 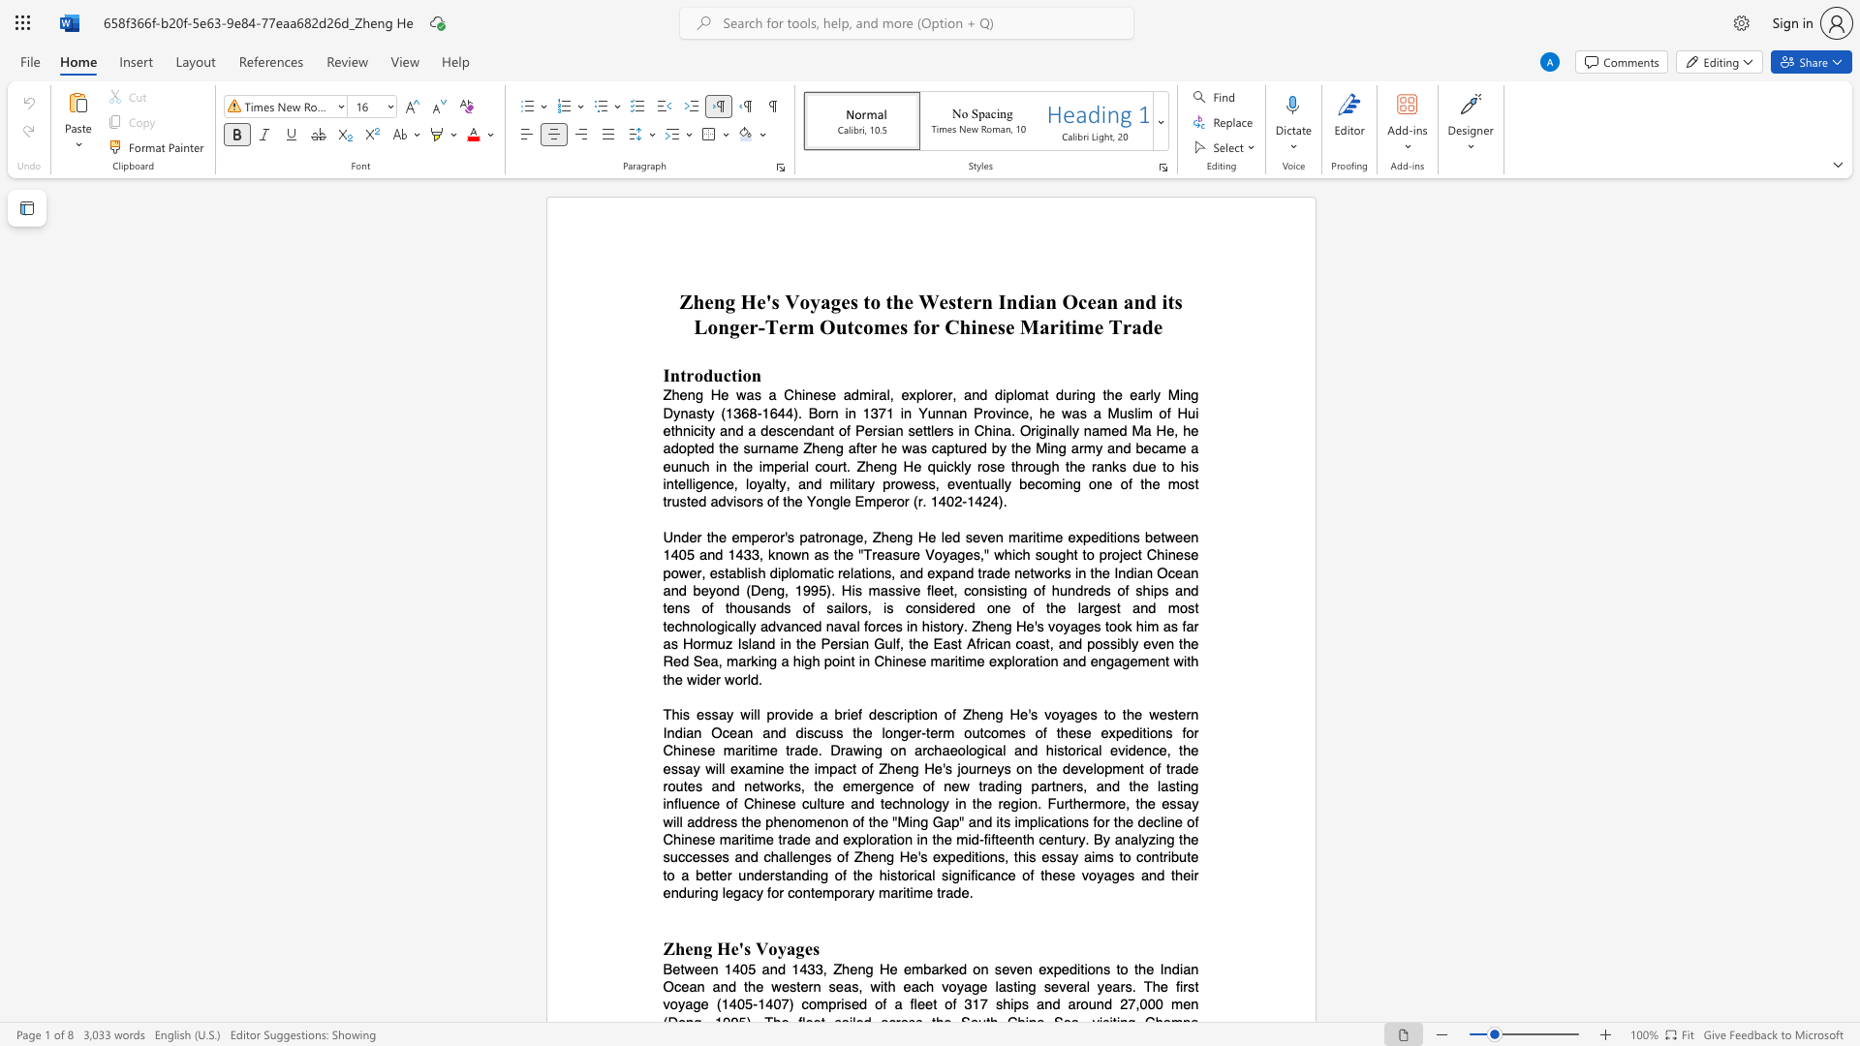 I want to click on the subset text "possibly ev" within the text "possibly even", so click(x=1087, y=644).